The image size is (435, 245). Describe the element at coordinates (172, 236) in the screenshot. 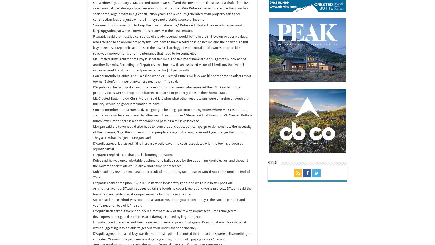

I see `'D’Aquila agreed that a mil levy was the soundest option, but noted that impact fees were still something to consider. "Some of the problem is not getting enough for growth paying its way," he said.'` at that location.